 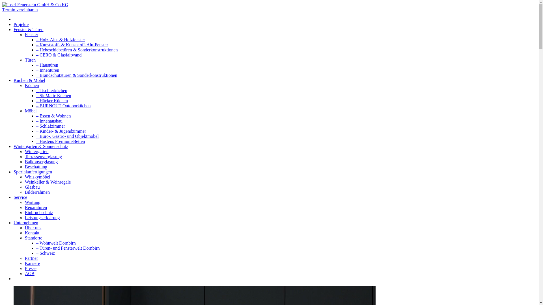 What do you see at coordinates (35, 207) in the screenshot?
I see `'Reparaturen'` at bounding box center [35, 207].